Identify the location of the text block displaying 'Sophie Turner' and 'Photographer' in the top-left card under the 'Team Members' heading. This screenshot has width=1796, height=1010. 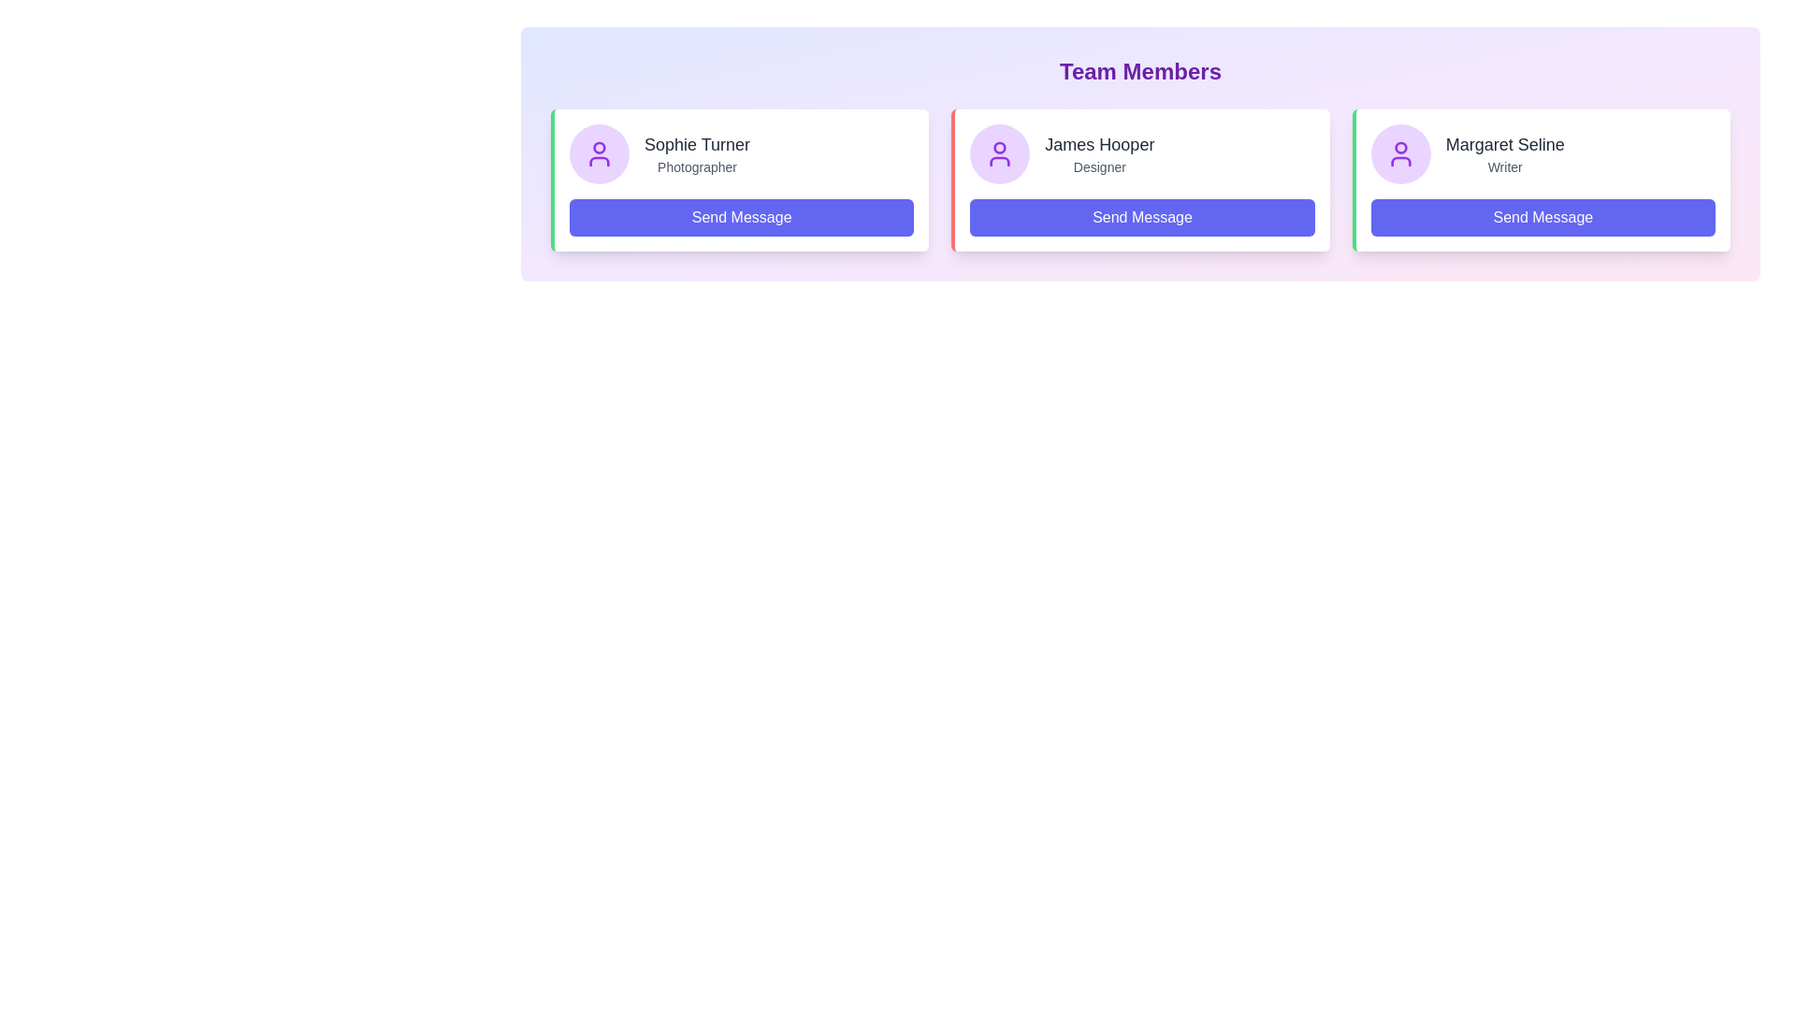
(696, 153).